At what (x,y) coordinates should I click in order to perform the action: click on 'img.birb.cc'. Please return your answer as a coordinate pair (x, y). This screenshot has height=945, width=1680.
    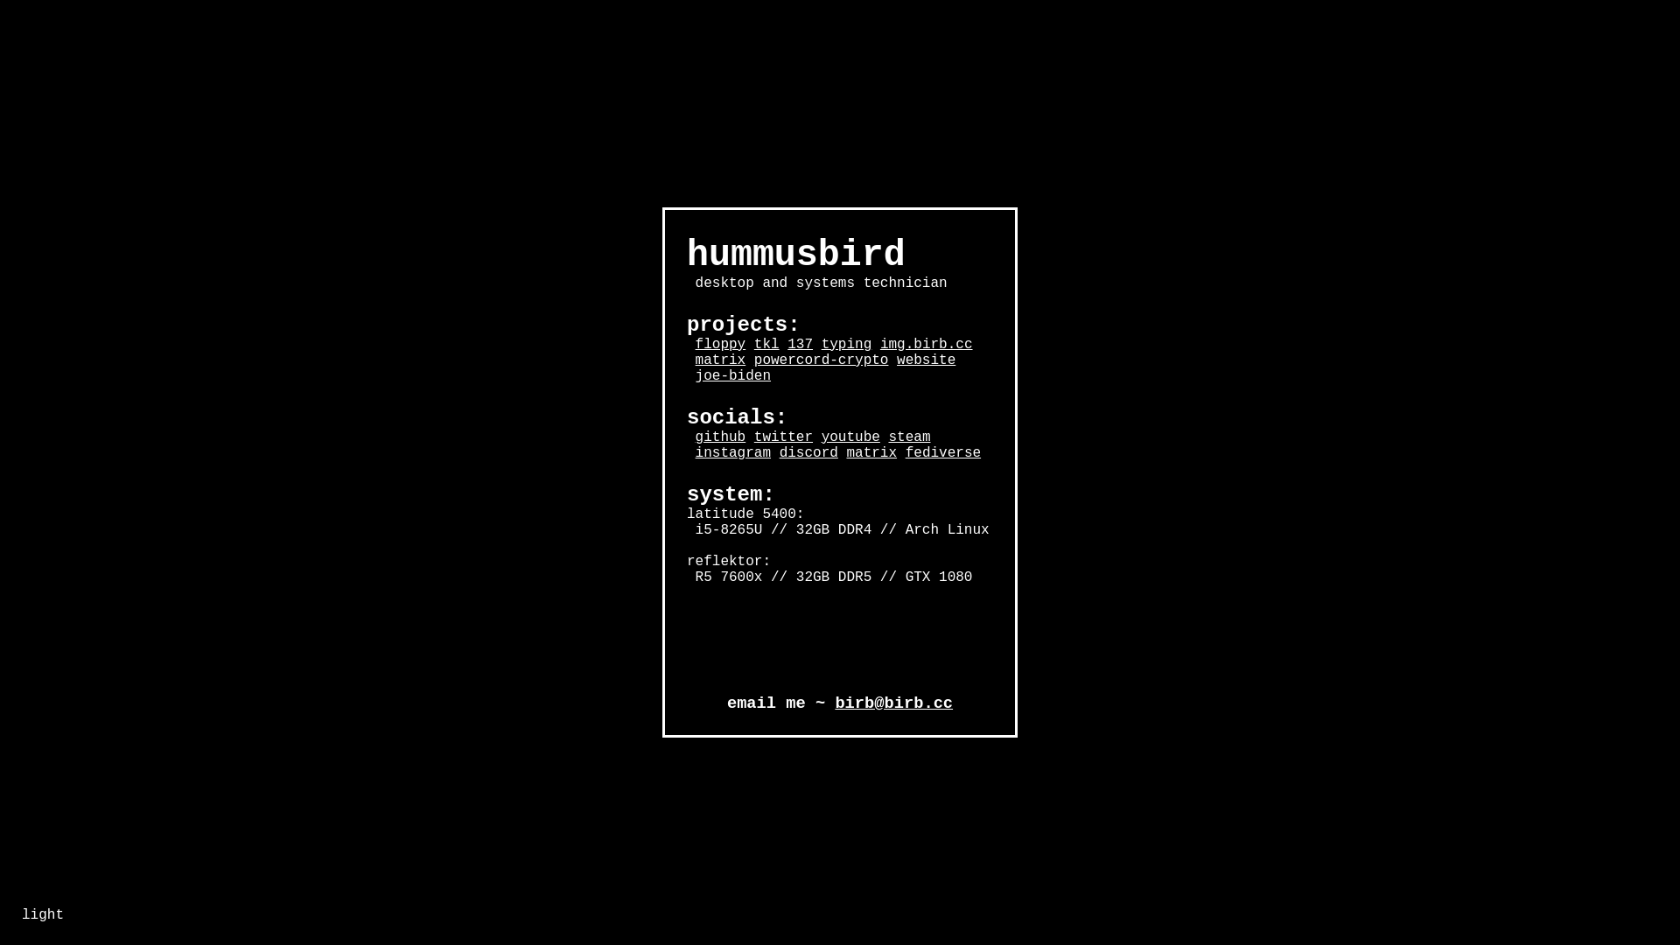
    Looking at the image, I should click on (926, 344).